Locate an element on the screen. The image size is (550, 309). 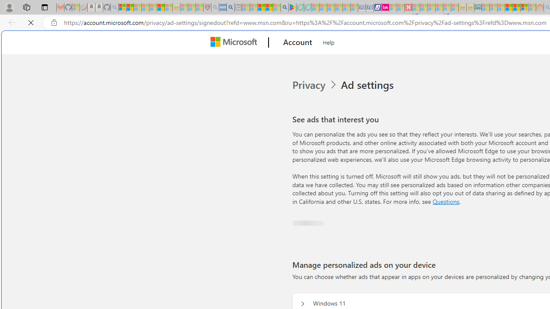
'Local - MSN - Sleeping' is located at coordinates (199, 7).